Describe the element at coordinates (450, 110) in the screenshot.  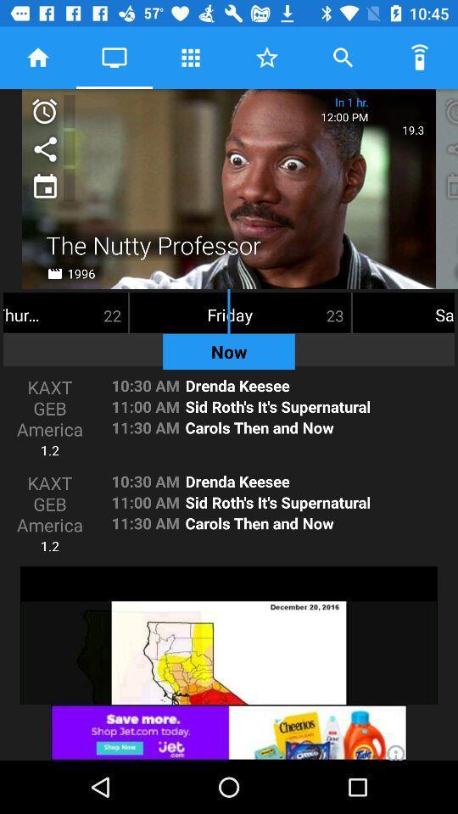
I see `the arrow_backward icon` at that location.